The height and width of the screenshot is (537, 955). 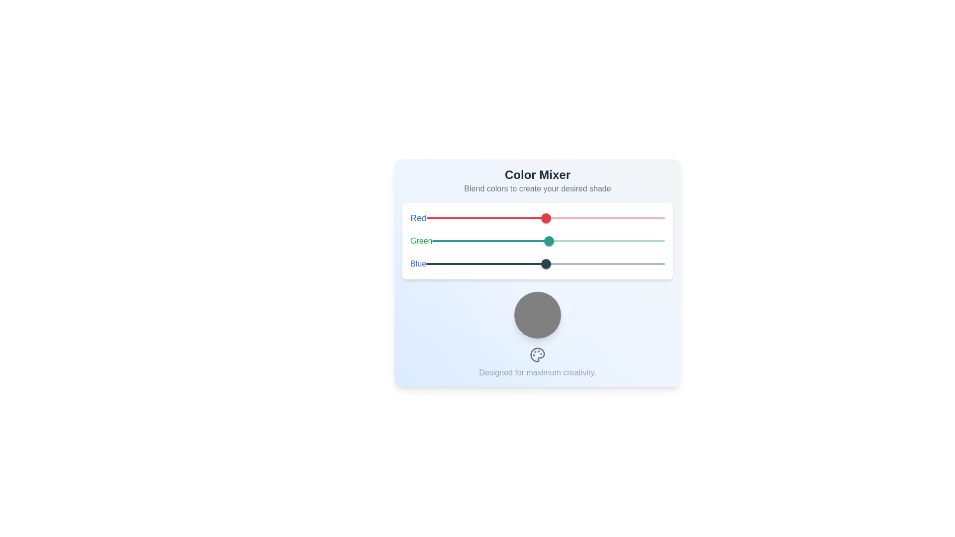 What do you see at coordinates (542, 218) in the screenshot?
I see `the red value` at bounding box center [542, 218].